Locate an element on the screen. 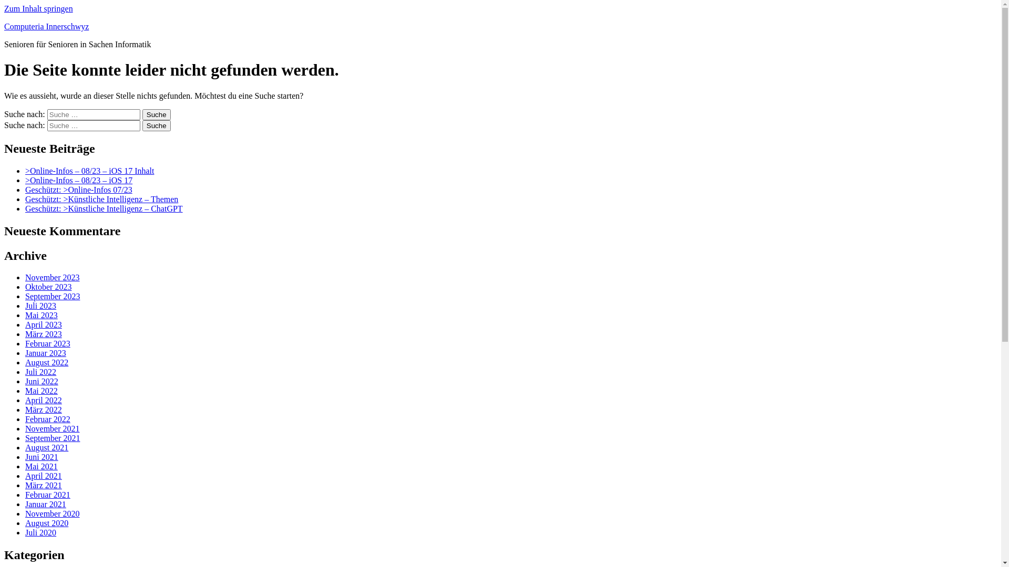 This screenshot has height=567, width=1009. 'Oktober 2023' is located at coordinates (25, 287).